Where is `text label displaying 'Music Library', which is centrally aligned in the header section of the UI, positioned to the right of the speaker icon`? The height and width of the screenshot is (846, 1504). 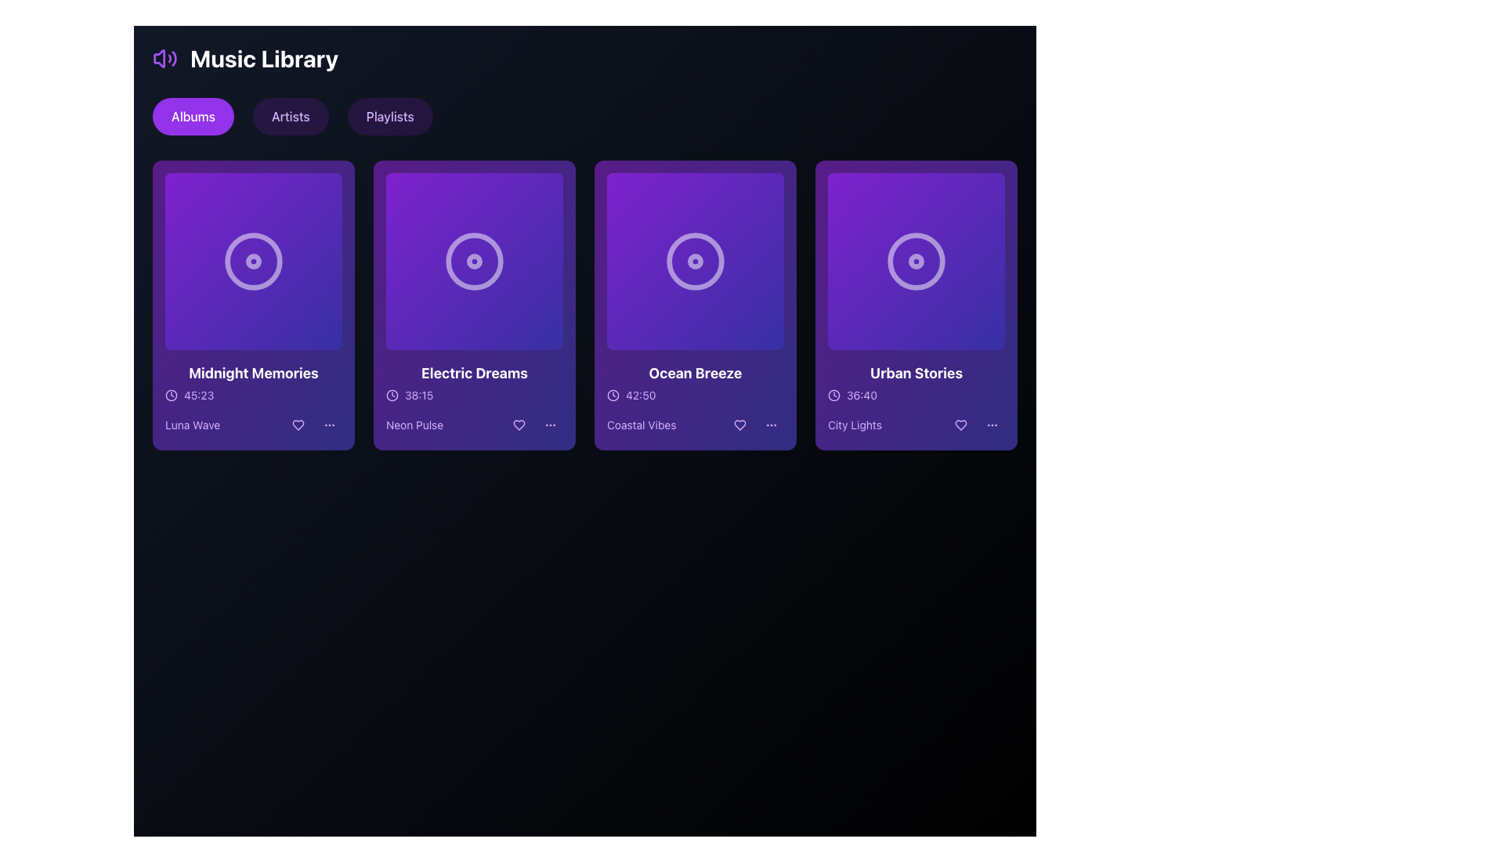 text label displaying 'Music Library', which is centrally aligned in the header section of the UI, positioned to the right of the speaker icon is located at coordinates (264, 57).